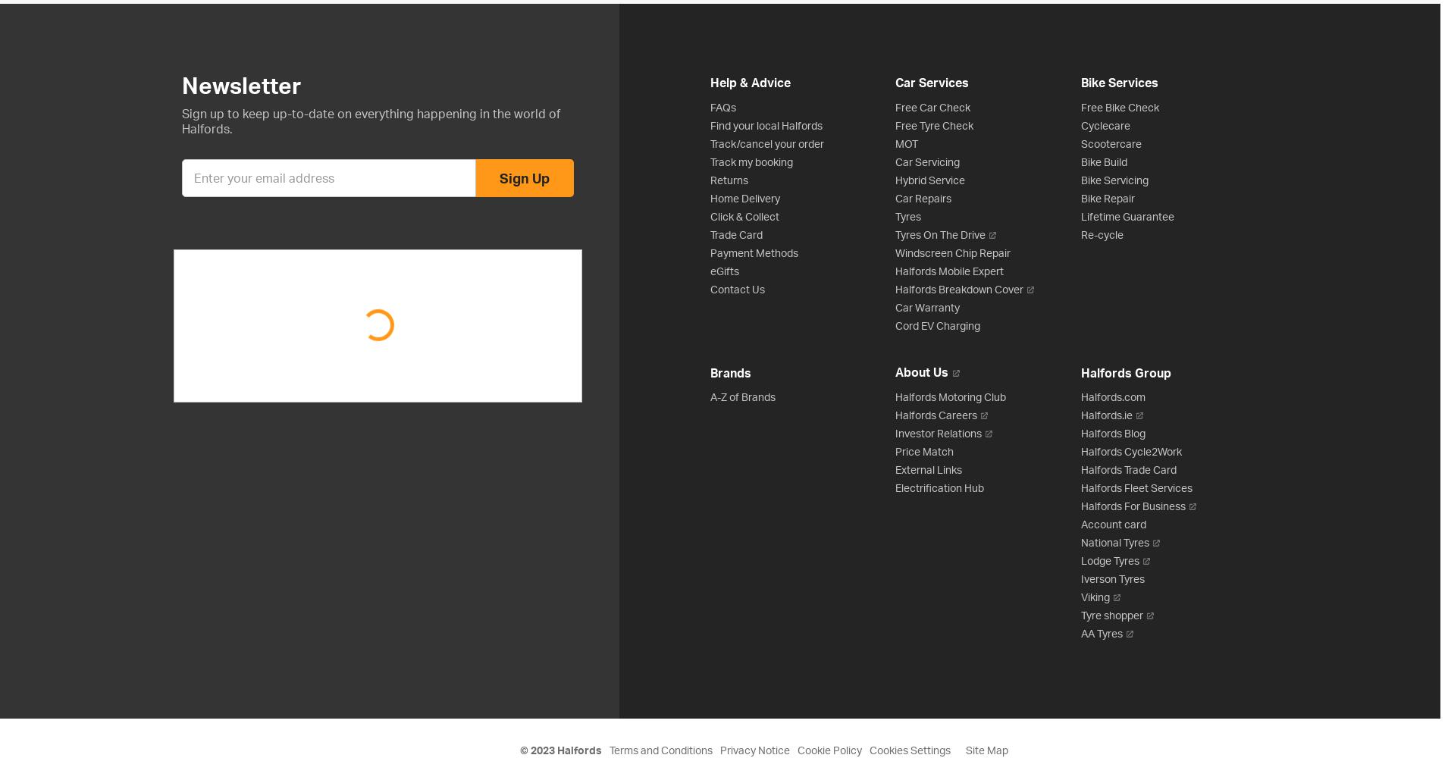  Describe the element at coordinates (1127, 215) in the screenshot. I see `'Lifetime Guarantee'` at that location.